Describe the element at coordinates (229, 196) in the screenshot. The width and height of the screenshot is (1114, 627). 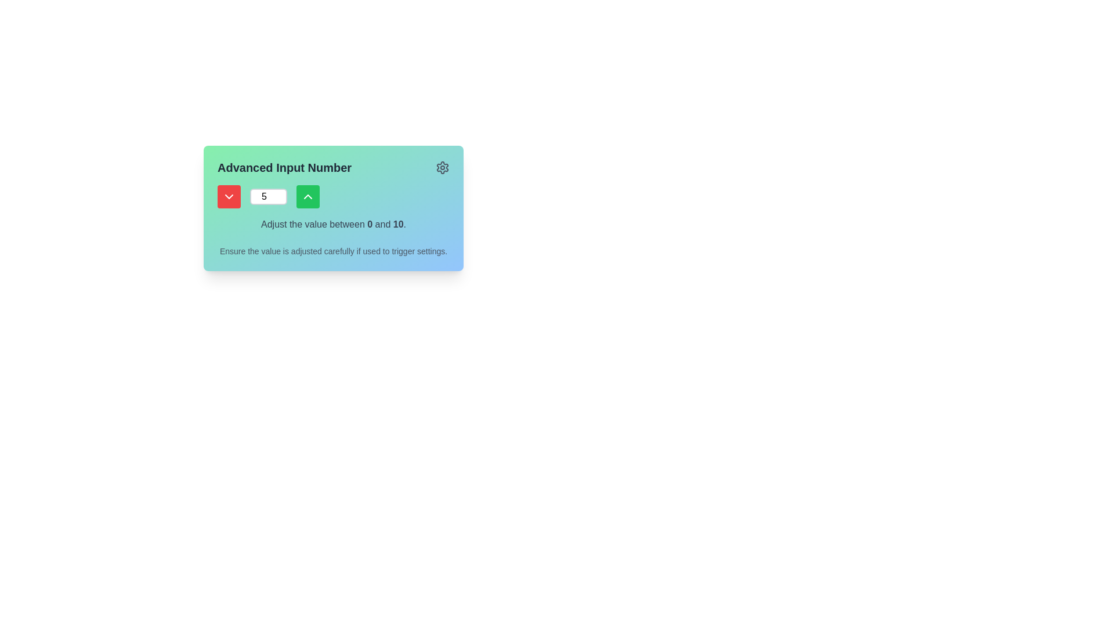
I see `the button that decreases the numeric value in the adjacent input field` at that location.